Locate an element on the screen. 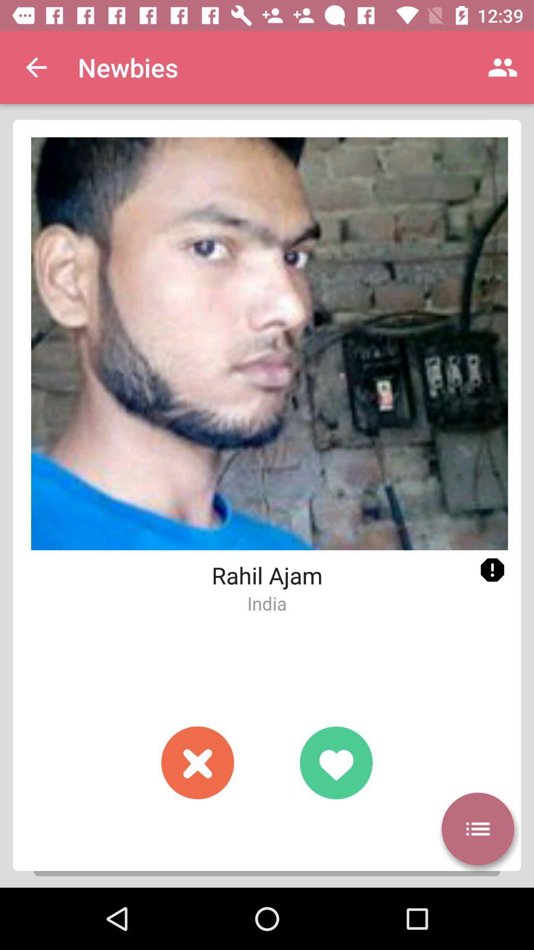 The height and width of the screenshot is (950, 534). like this profile is located at coordinates (335, 762).